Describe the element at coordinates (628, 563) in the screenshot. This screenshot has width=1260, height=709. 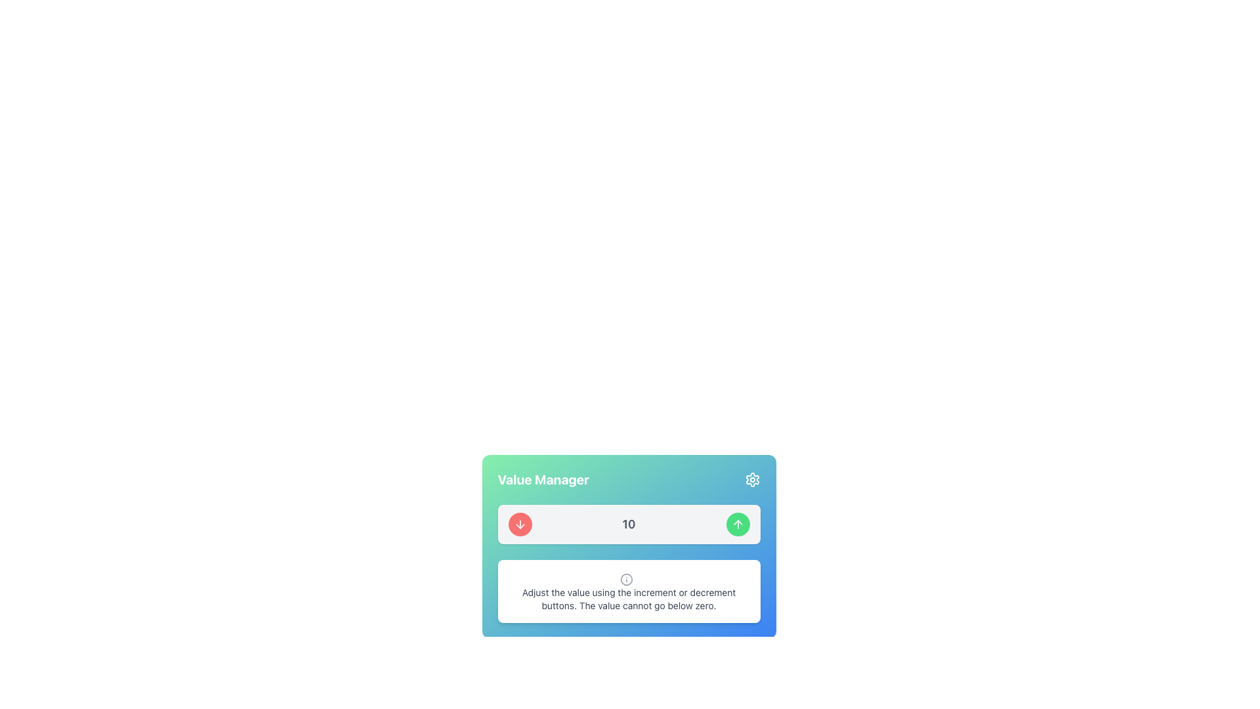
I see `the text block with an information icon that provides instructions on adjusting values, located at the bottom of the 'Value Manager' card` at that location.